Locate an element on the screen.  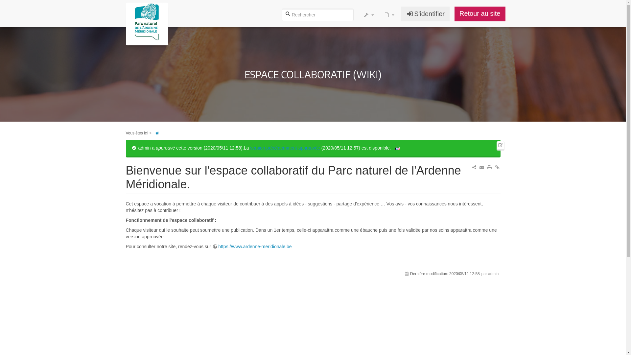
'Permalink' is located at coordinates (497, 167).